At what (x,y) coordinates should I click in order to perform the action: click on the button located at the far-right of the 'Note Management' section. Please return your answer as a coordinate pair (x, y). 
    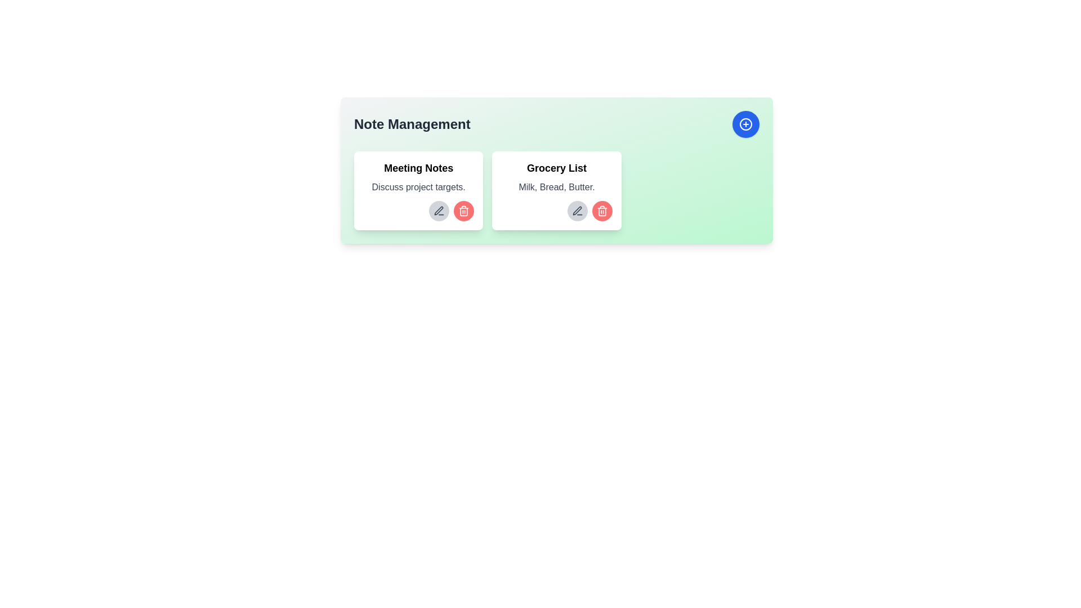
    Looking at the image, I should click on (745, 124).